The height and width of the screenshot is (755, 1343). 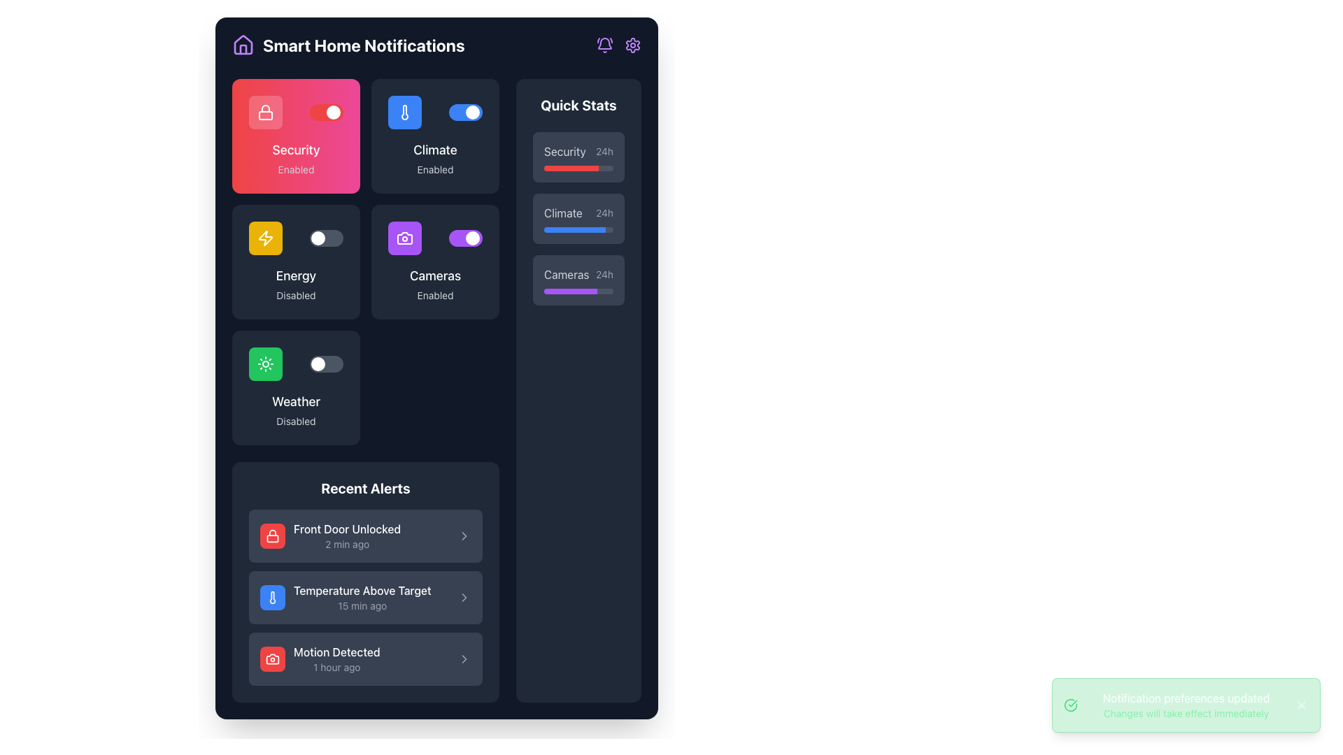 I want to click on the 'Front Door Unlocked' notification element with a dark gray background and a red lock icon, so click(x=366, y=535).